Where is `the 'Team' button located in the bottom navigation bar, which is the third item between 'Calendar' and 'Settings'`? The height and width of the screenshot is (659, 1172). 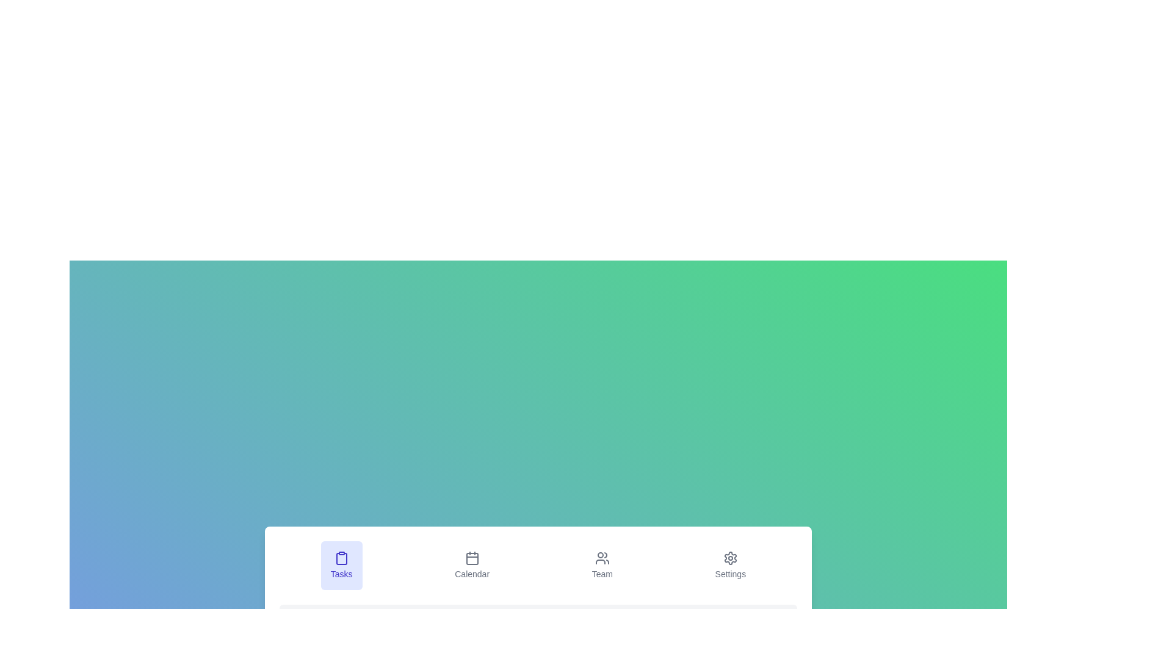 the 'Team' button located in the bottom navigation bar, which is the third item between 'Calendar' and 'Settings' is located at coordinates (602, 565).